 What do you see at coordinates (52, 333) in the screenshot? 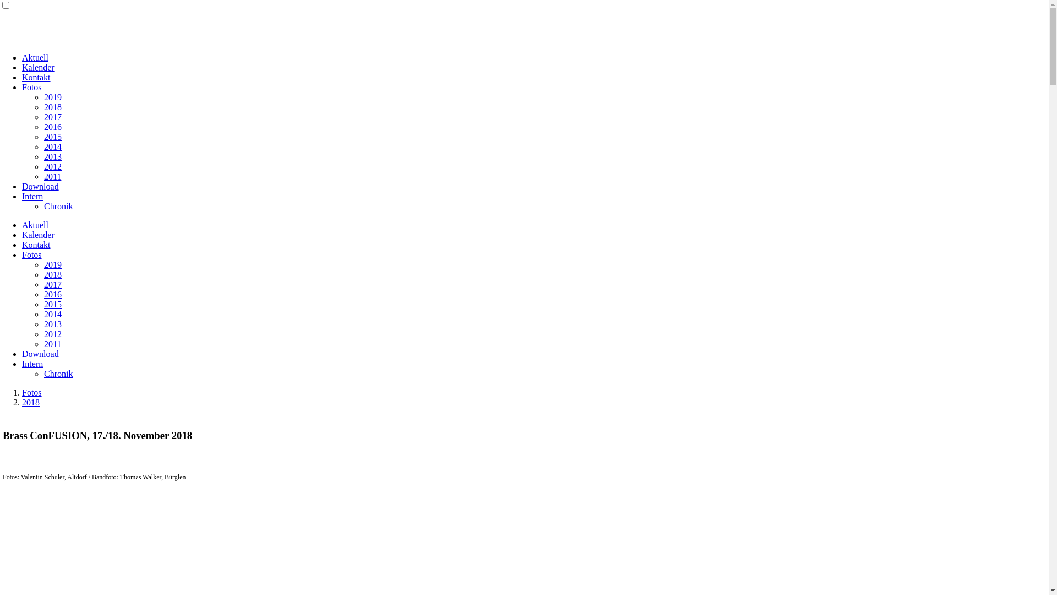
I see `'2012'` at bounding box center [52, 333].